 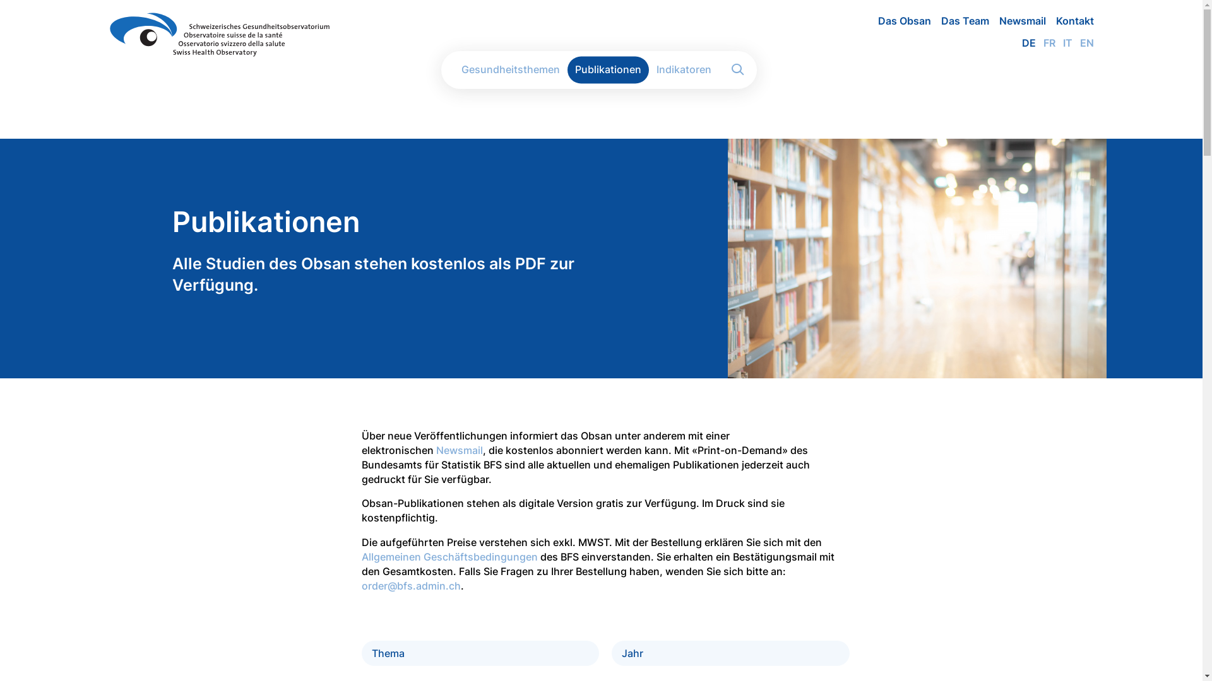 I want to click on 'EN', so click(x=1081, y=42).